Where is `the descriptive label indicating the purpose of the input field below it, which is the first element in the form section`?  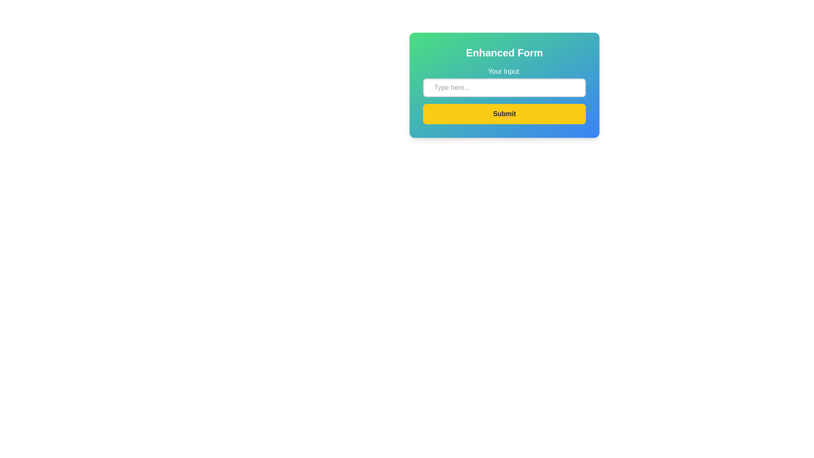 the descriptive label indicating the purpose of the input field below it, which is the first element in the form section is located at coordinates (505, 71).